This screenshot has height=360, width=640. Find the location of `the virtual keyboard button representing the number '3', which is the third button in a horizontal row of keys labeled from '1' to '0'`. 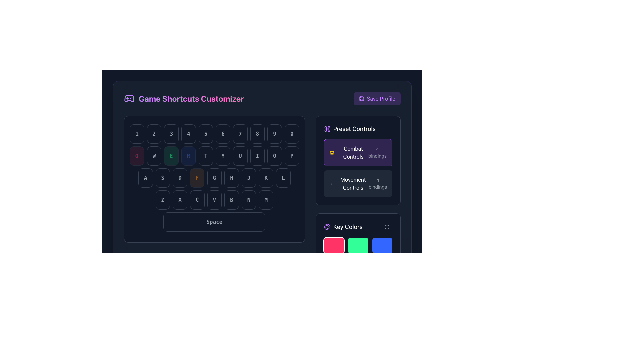

the virtual keyboard button representing the number '3', which is the third button in a horizontal row of keys labeled from '1' to '0' is located at coordinates (171, 134).